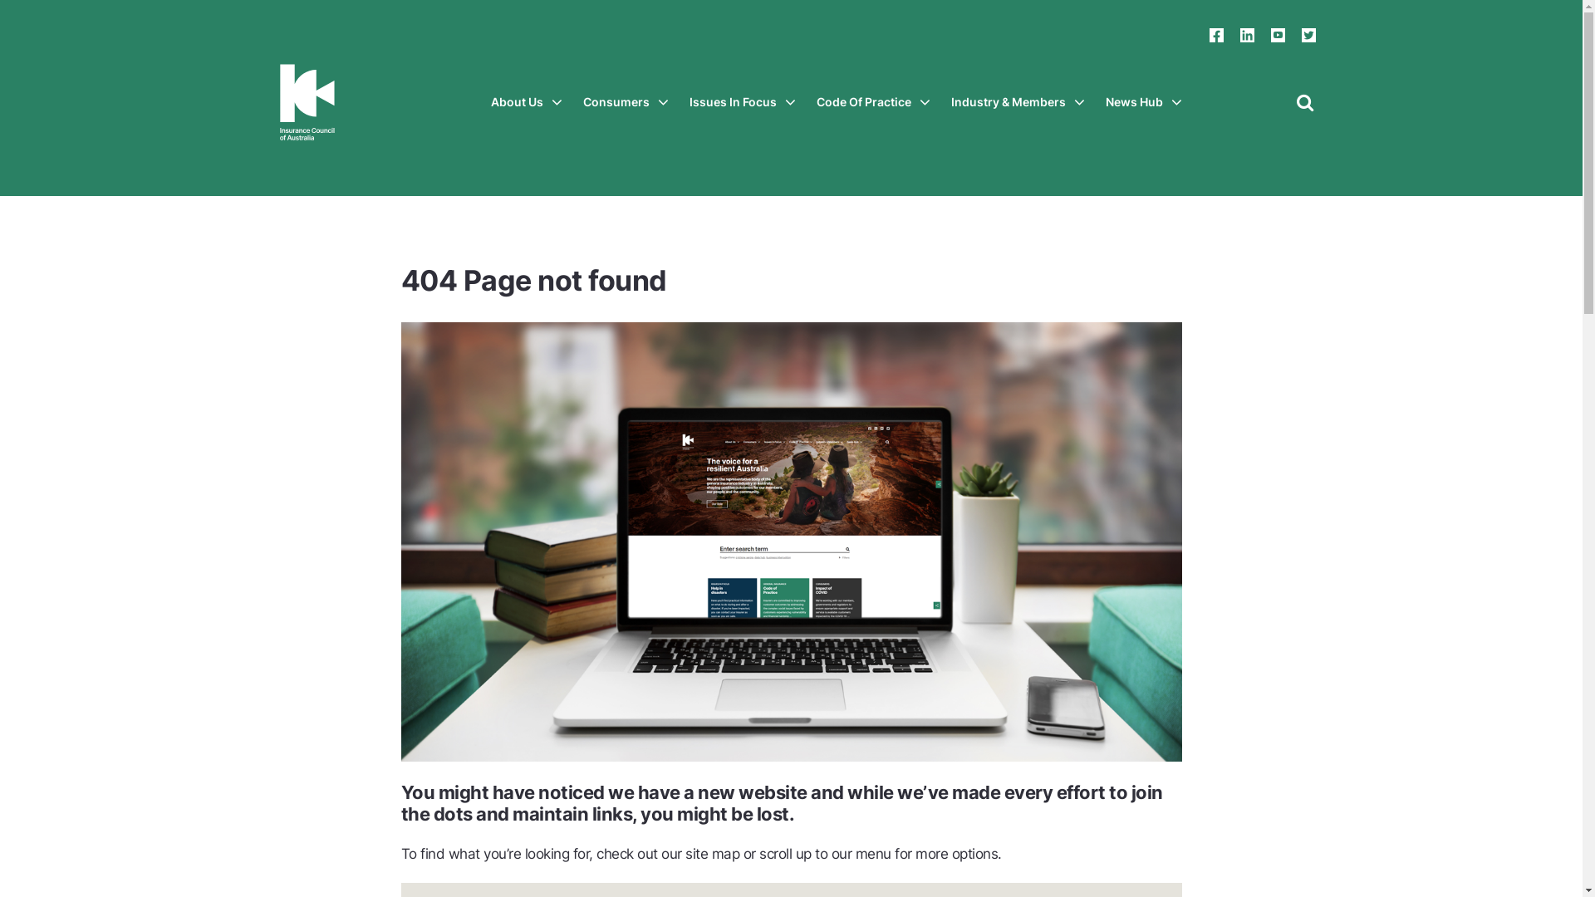  Describe the element at coordinates (741, 102) in the screenshot. I see `'Issues In Focus'` at that location.